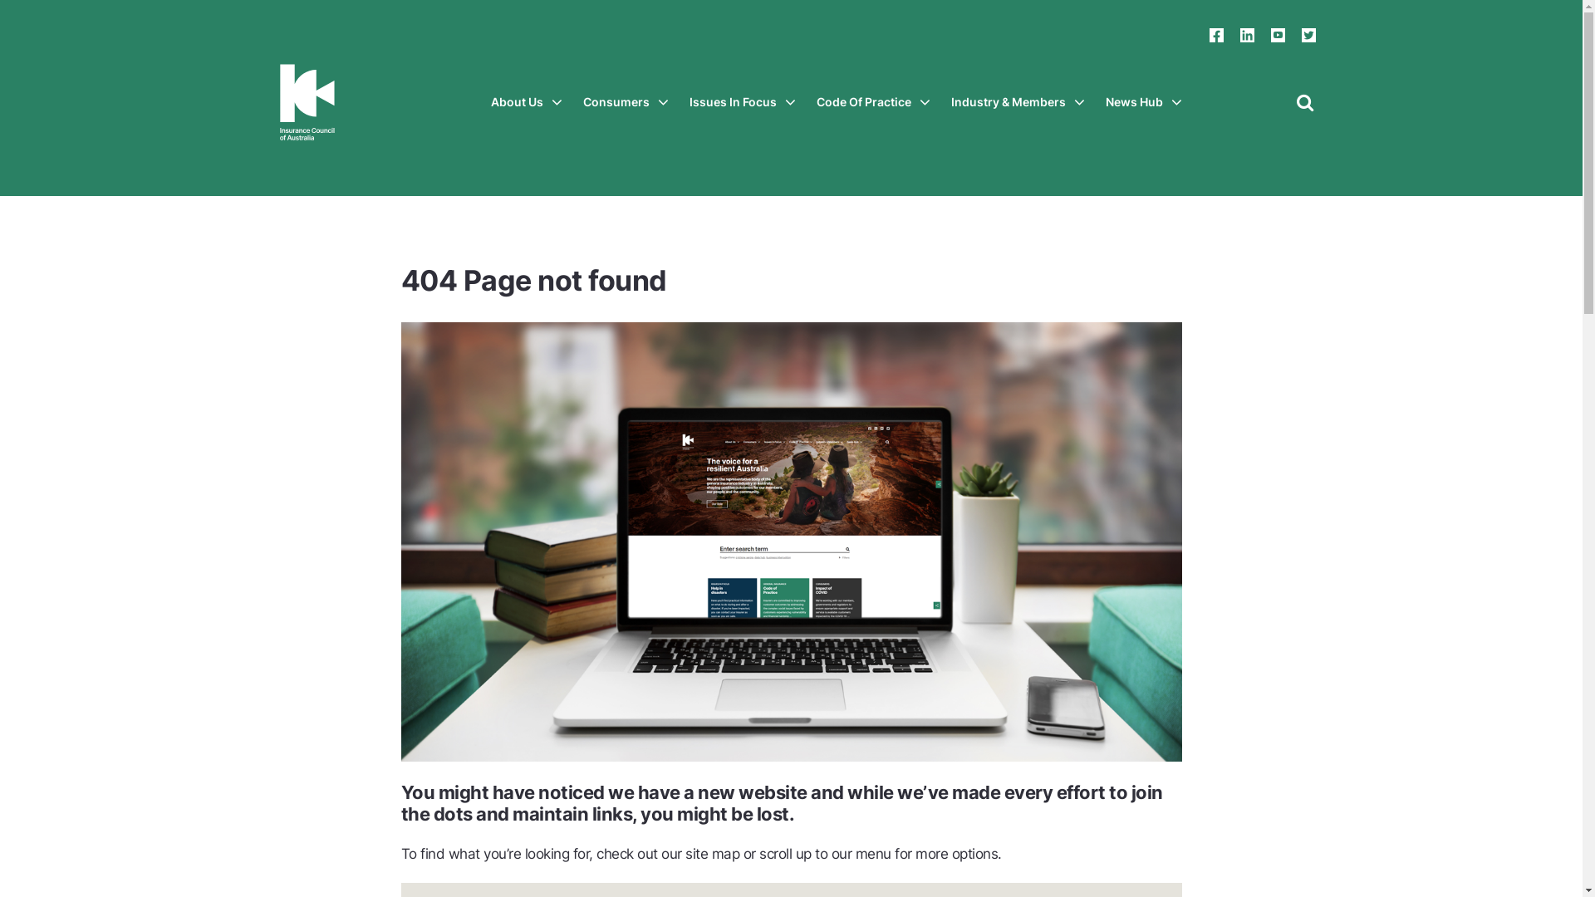  Describe the element at coordinates (741, 102) in the screenshot. I see `'Issues In Focus'` at that location.